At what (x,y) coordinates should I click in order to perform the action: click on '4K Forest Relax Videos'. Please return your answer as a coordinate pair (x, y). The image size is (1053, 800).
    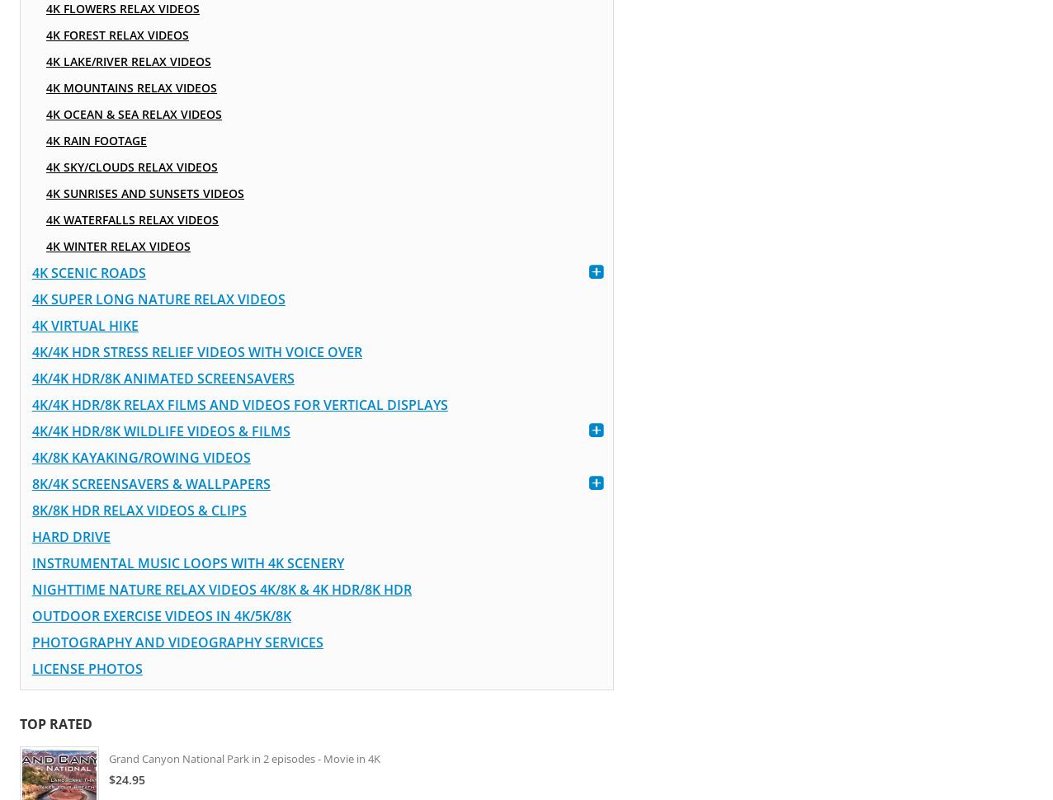
    Looking at the image, I should click on (117, 35).